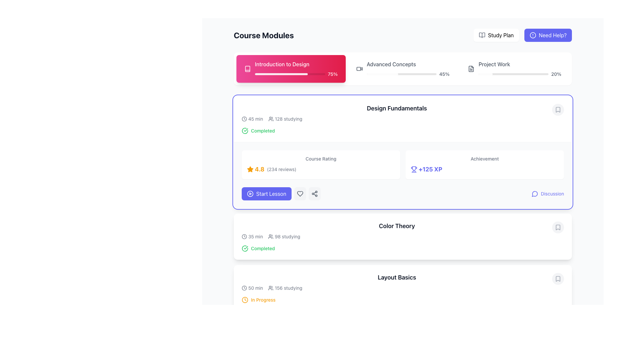 The width and height of the screenshot is (634, 356). I want to click on the 'Need Help?' button, which contains an alert icon positioned at the top-right corner of the interface, so click(533, 35).